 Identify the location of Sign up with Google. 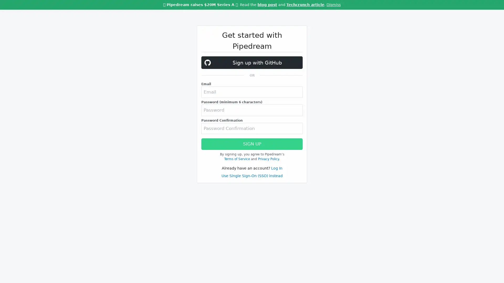
(252, 62).